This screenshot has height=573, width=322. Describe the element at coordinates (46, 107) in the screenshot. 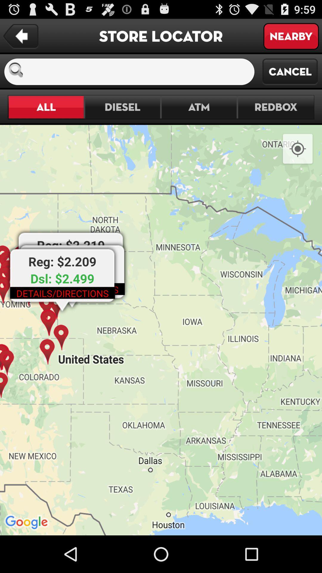

I see `all` at that location.